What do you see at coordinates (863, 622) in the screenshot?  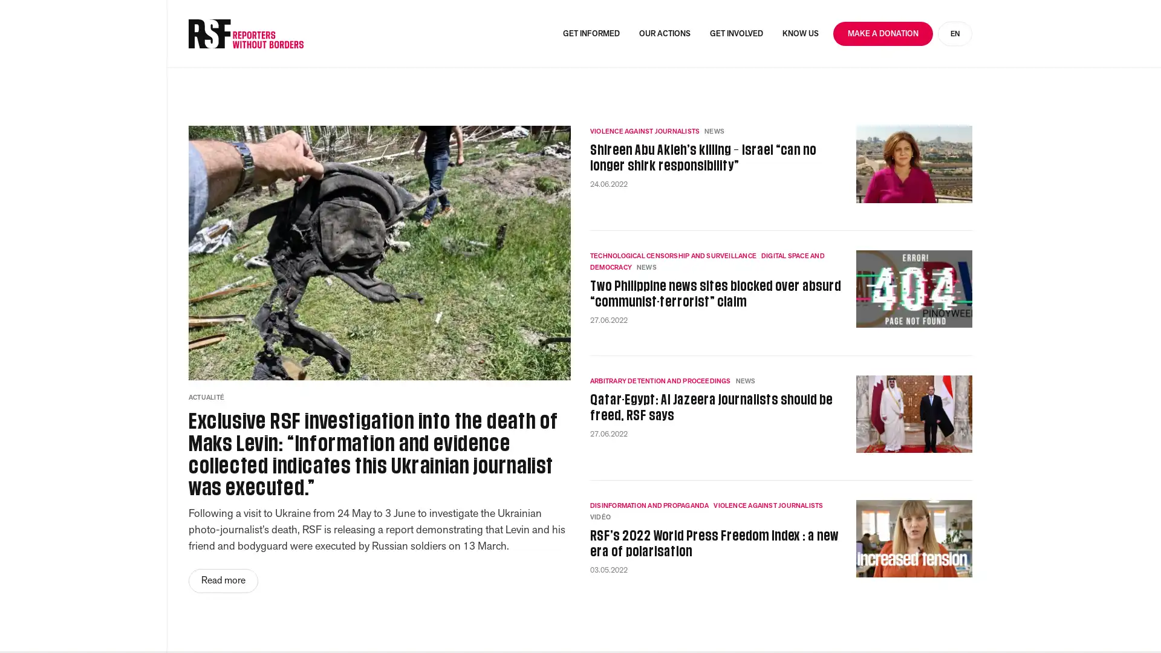 I see `Refuse everything` at bounding box center [863, 622].